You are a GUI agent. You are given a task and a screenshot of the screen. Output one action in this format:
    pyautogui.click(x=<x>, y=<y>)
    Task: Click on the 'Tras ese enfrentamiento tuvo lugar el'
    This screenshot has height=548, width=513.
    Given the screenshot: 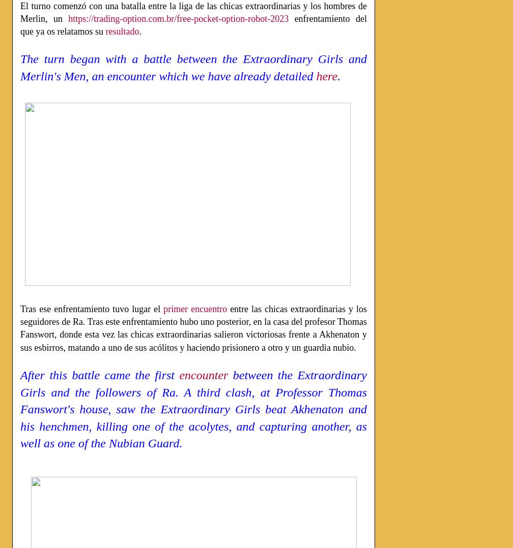 What is the action you would take?
    pyautogui.click(x=20, y=309)
    